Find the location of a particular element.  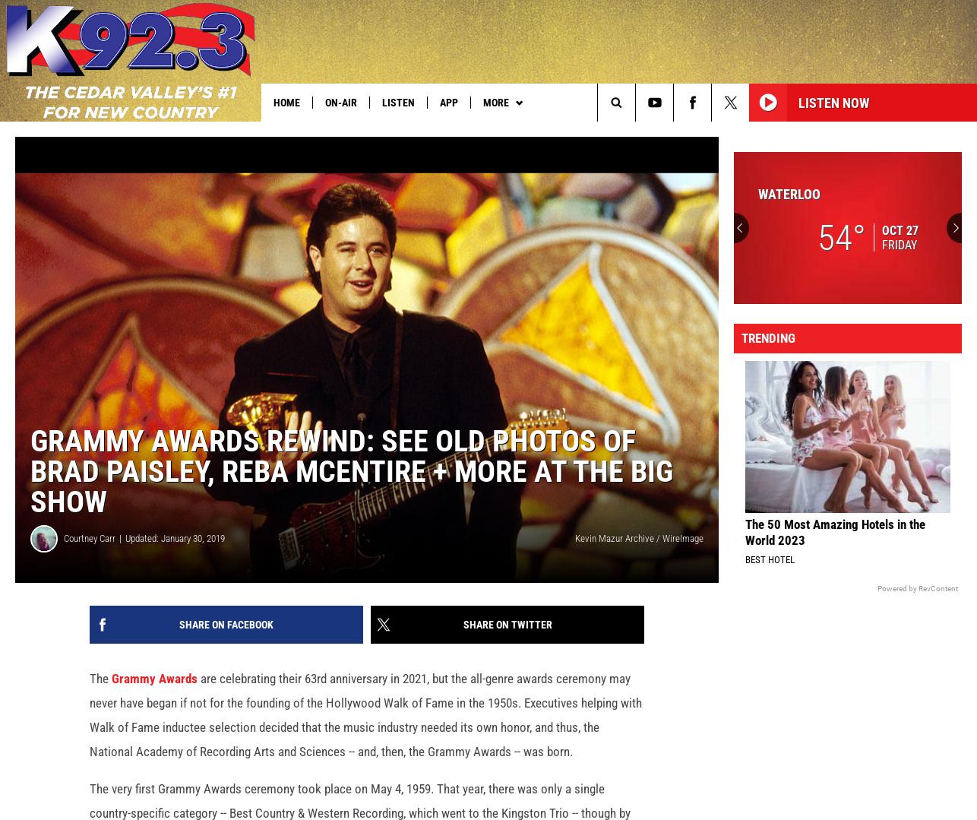

'Courtney Carr' is located at coordinates (90, 562).